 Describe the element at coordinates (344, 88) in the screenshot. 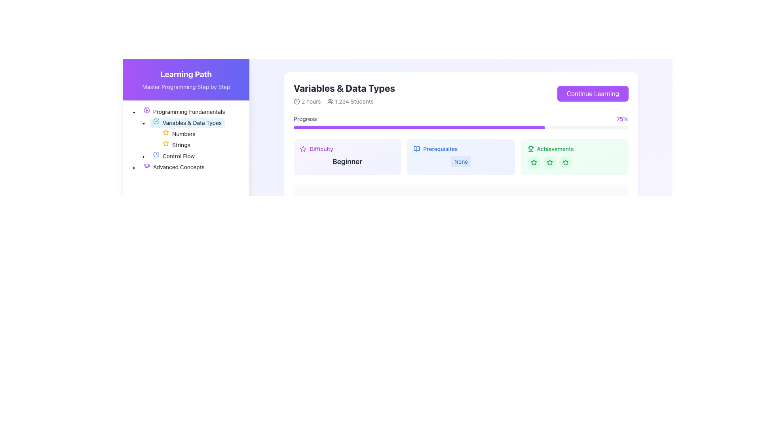

I see `text label or heading that serves as the title for the learning module on variables and data types, positioned centrally at the top of the section` at that location.